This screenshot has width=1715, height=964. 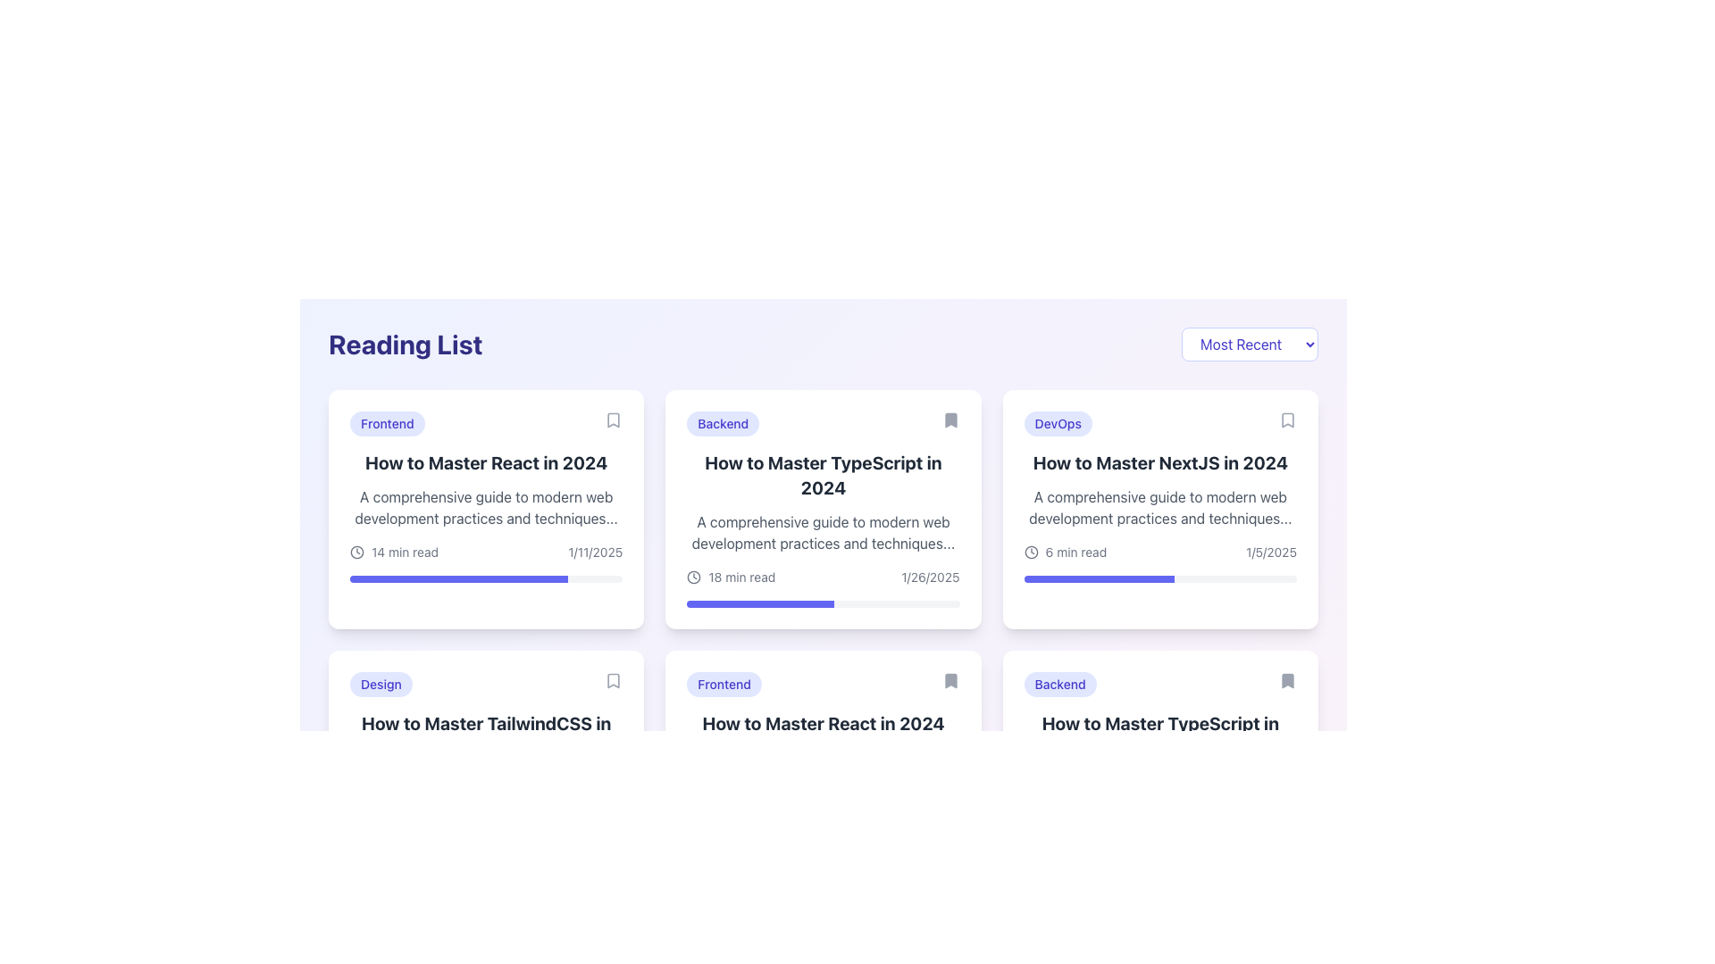 What do you see at coordinates (386, 423) in the screenshot?
I see `the category label indicating 'Frontend' located at the top-left corner of the first content card in the Reading List, above the title 'How to Master React in 2024'` at bounding box center [386, 423].